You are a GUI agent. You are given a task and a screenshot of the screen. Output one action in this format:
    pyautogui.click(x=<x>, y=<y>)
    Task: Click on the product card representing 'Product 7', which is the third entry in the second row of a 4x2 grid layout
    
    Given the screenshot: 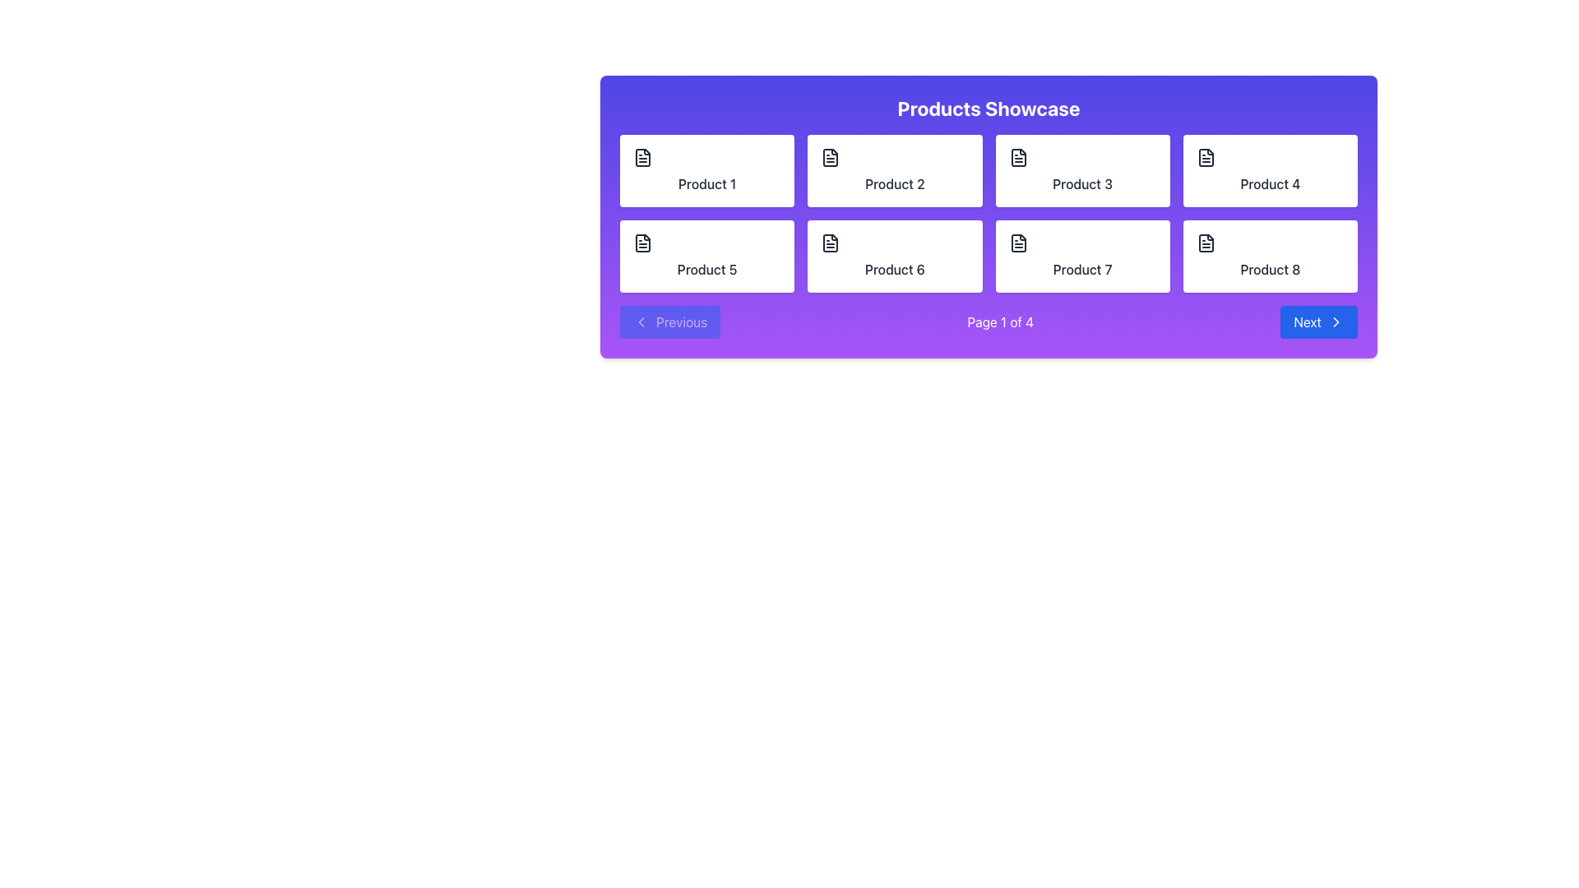 What is the action you would take?
    pyautogui.click(x=1082, y=257)
    